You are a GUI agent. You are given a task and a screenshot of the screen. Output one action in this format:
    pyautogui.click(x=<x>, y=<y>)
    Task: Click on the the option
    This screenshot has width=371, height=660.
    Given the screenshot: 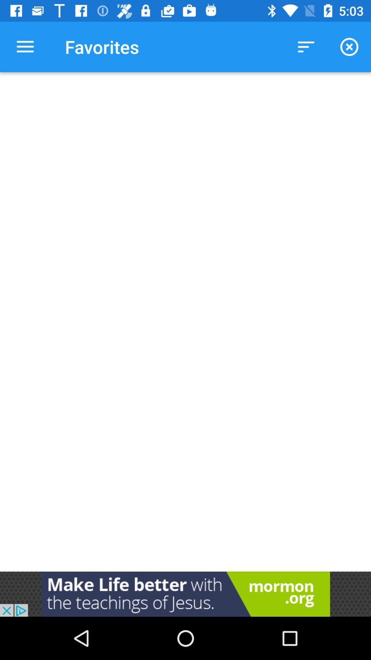 What is the action you would take?
    pyautogui.click(x=185, y=594)
    